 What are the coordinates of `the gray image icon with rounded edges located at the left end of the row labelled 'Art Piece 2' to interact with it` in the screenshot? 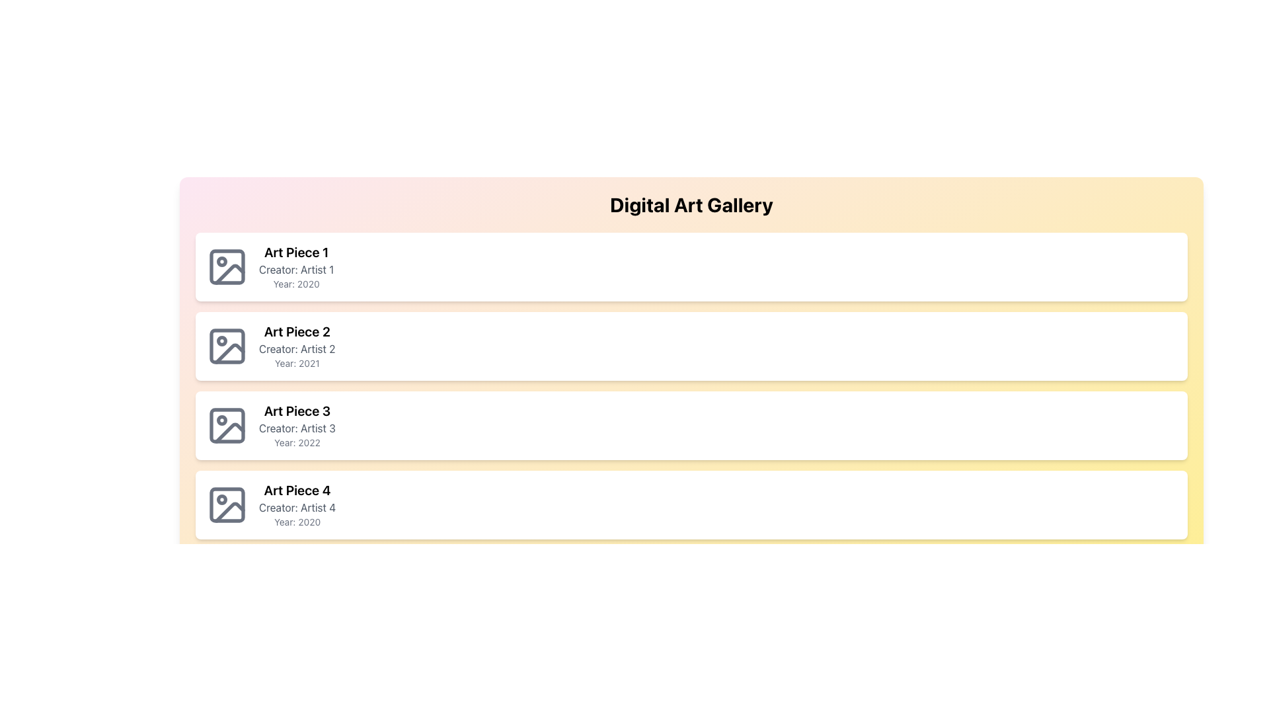 It's located at (227, 346).